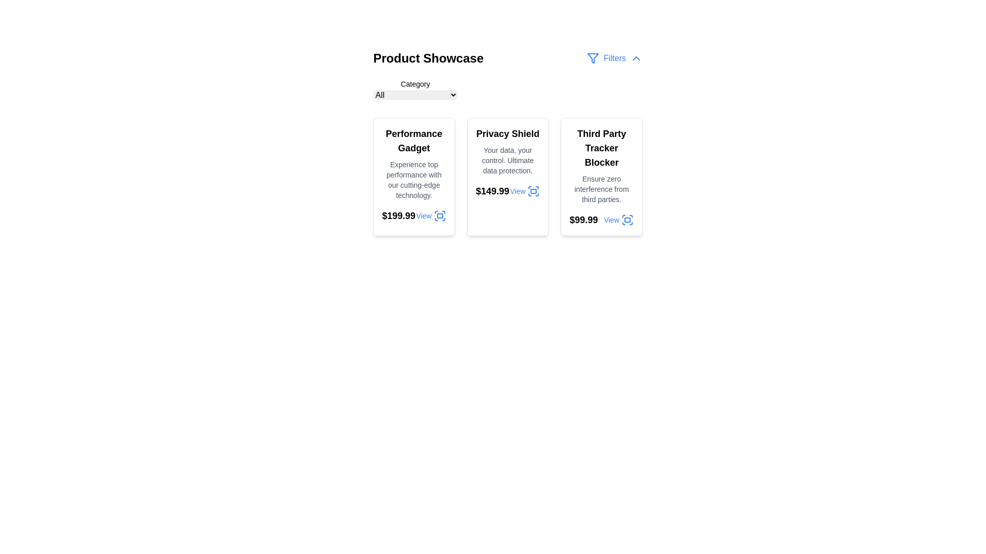 The height and width of the screenshot is (554, 986). What do you see at coordinates (601, 219) in the screenshot?
I see `the interactive 'View' link which is part of the price Composite element that includes a bold '$99.99' text and a magnifying glass icon` at bounding box center [601, 219].